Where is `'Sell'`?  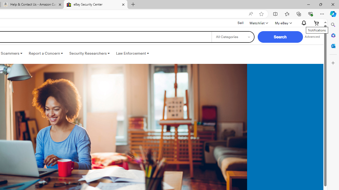
'Sell' is located at coordinates (240, 22).